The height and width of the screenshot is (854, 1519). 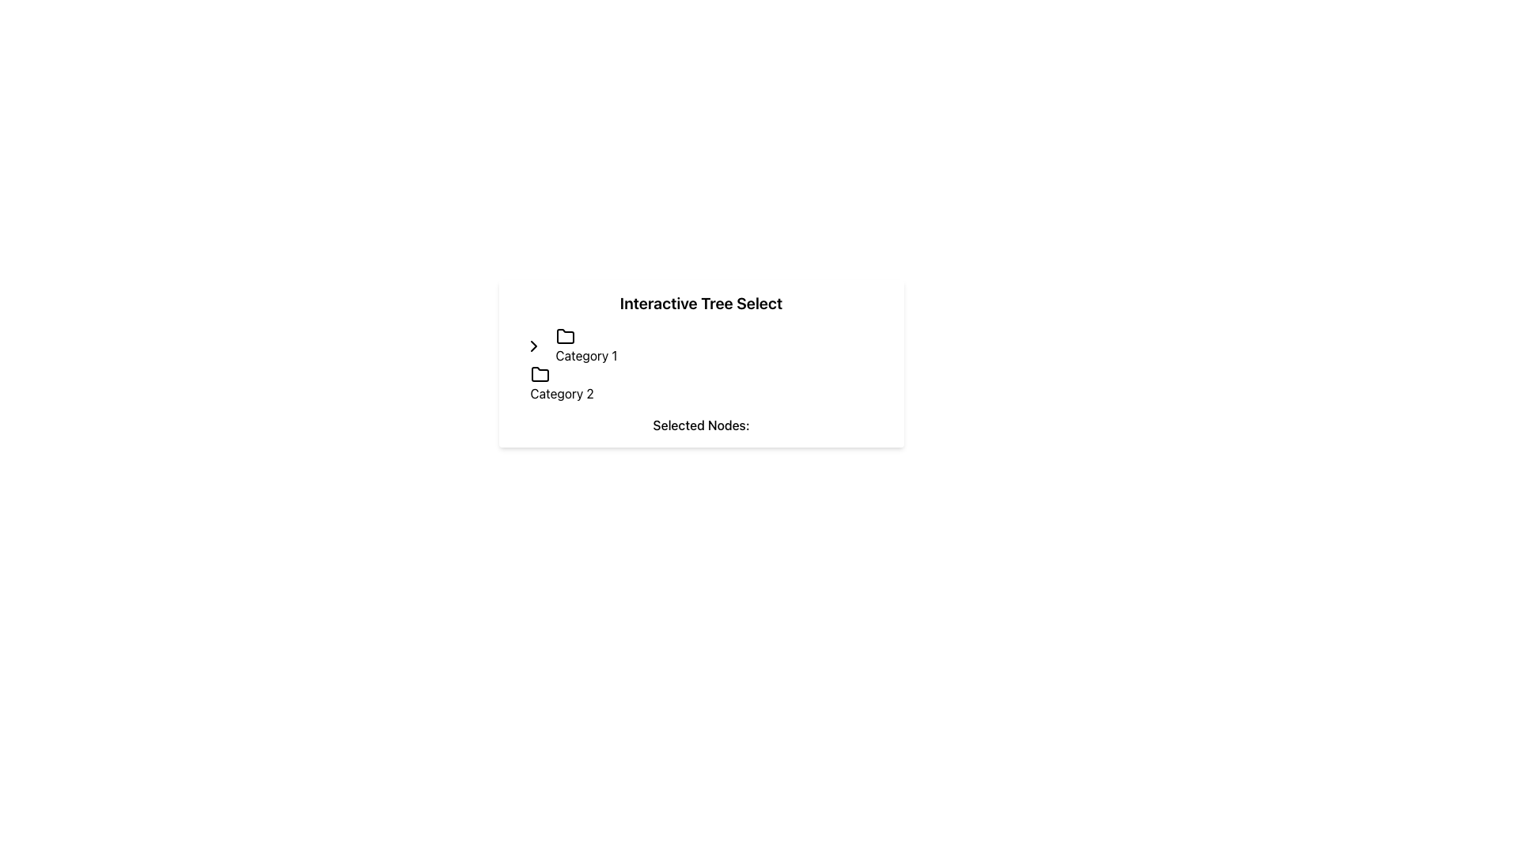 What do you see at coordinates (540, 375) in the screenshot?
I see `the folder icon located to the left of the 'Category 2' label within the 'Interactive Tree Select' section` at bounding box center [540, 375].